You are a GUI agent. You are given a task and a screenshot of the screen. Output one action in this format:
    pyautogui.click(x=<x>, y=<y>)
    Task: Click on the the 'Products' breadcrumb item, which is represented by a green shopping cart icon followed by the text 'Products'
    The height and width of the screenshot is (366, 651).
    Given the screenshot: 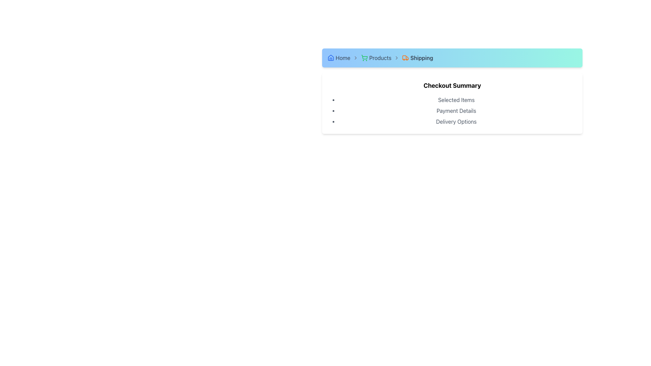 What is the action you would take?
    pyautogui.click(x=376, y=57)
    